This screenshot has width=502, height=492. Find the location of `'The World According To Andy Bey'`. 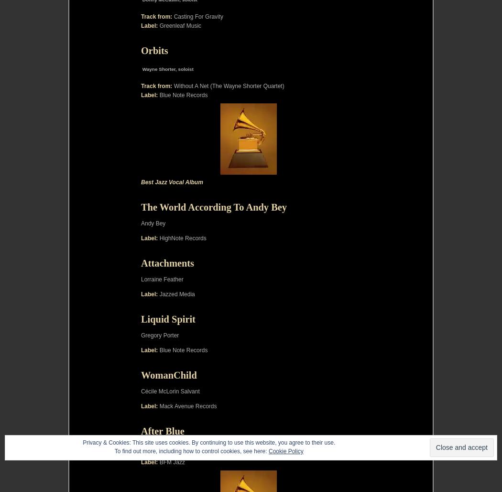

'The World According To Andy Bey' is located at coordinates (213, 207).